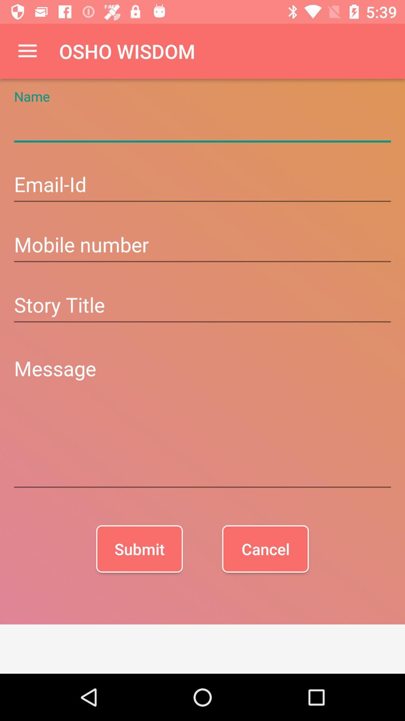 The height and width of the screenshot is (721, 405). What do you see at coordinates (202, 246) in the screenshot?
I see `telephone number` at bounding box center [202, 246].